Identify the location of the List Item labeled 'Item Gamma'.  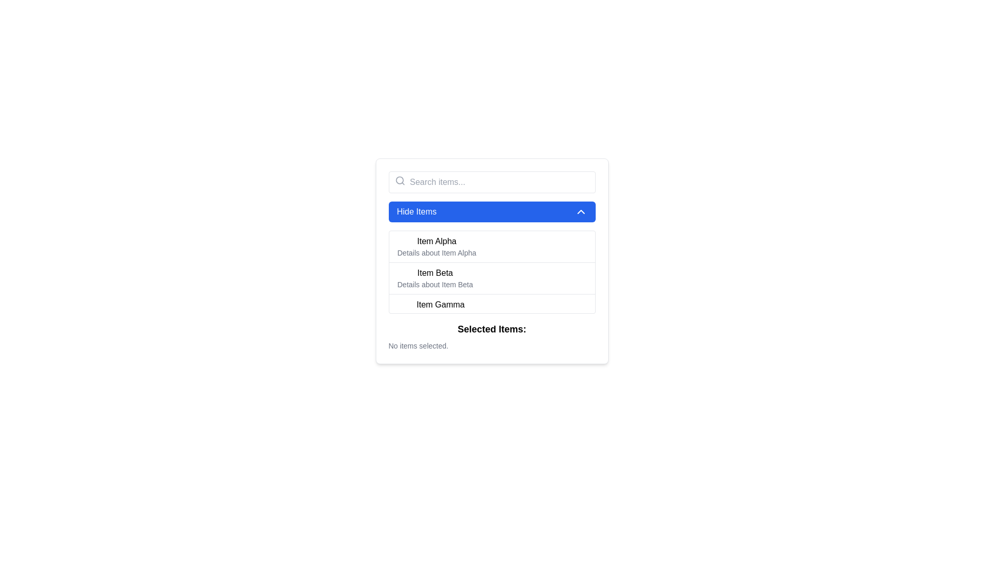
(440, 310).